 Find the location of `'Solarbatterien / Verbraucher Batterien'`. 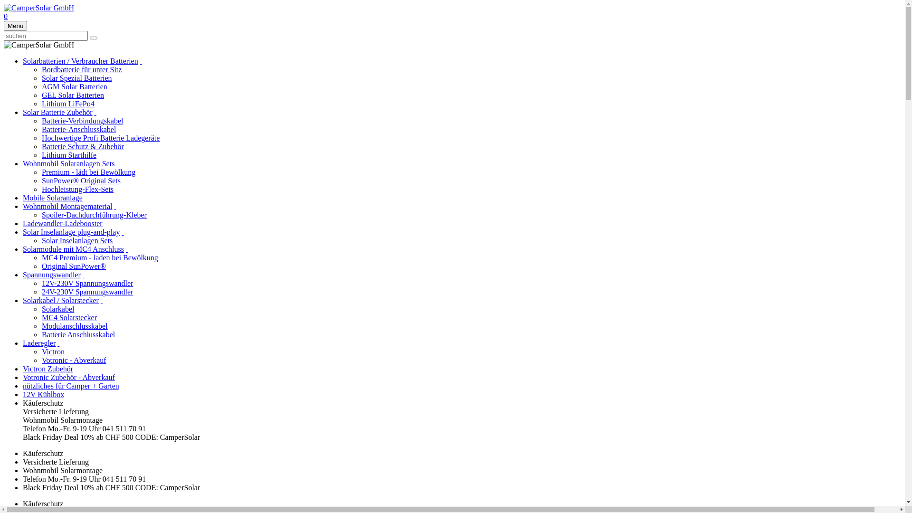

'Solarbatterien / Verbraucher Batterien' is located at coordinates (80, 61).